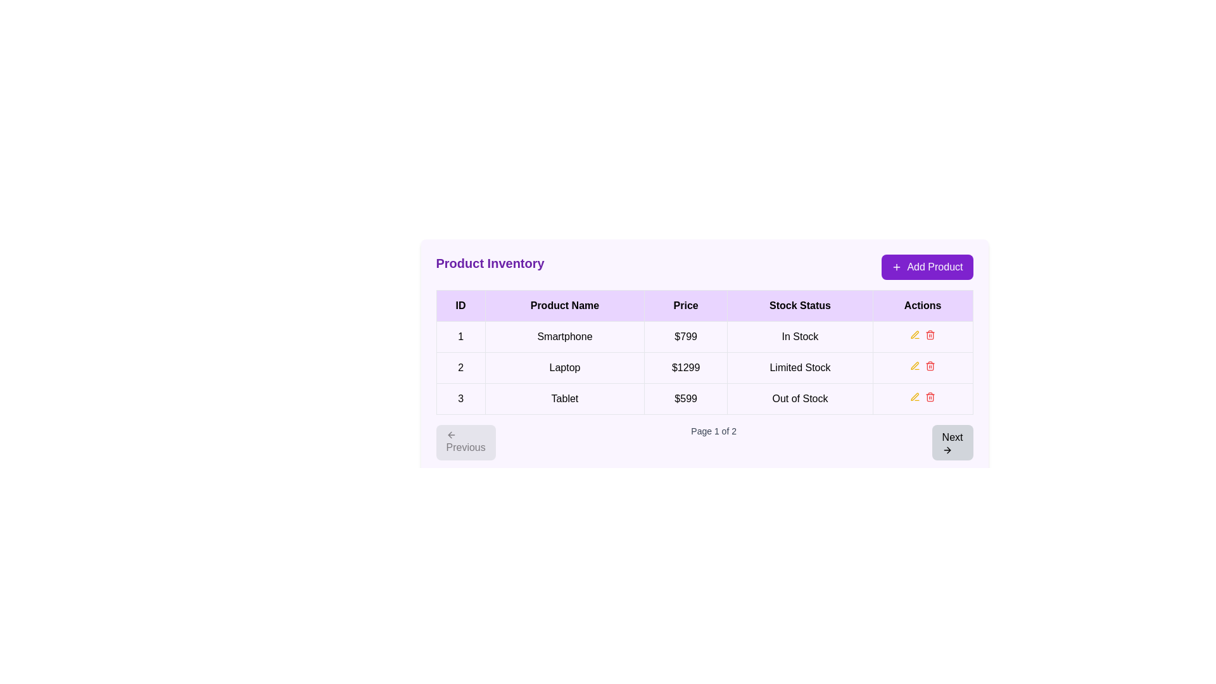  Describe the element at coordinates (704, 398) in the screenshot. I see `the third row in the product inventory table, which shows '3 Tablet $599 Out of Stock'` at that location.